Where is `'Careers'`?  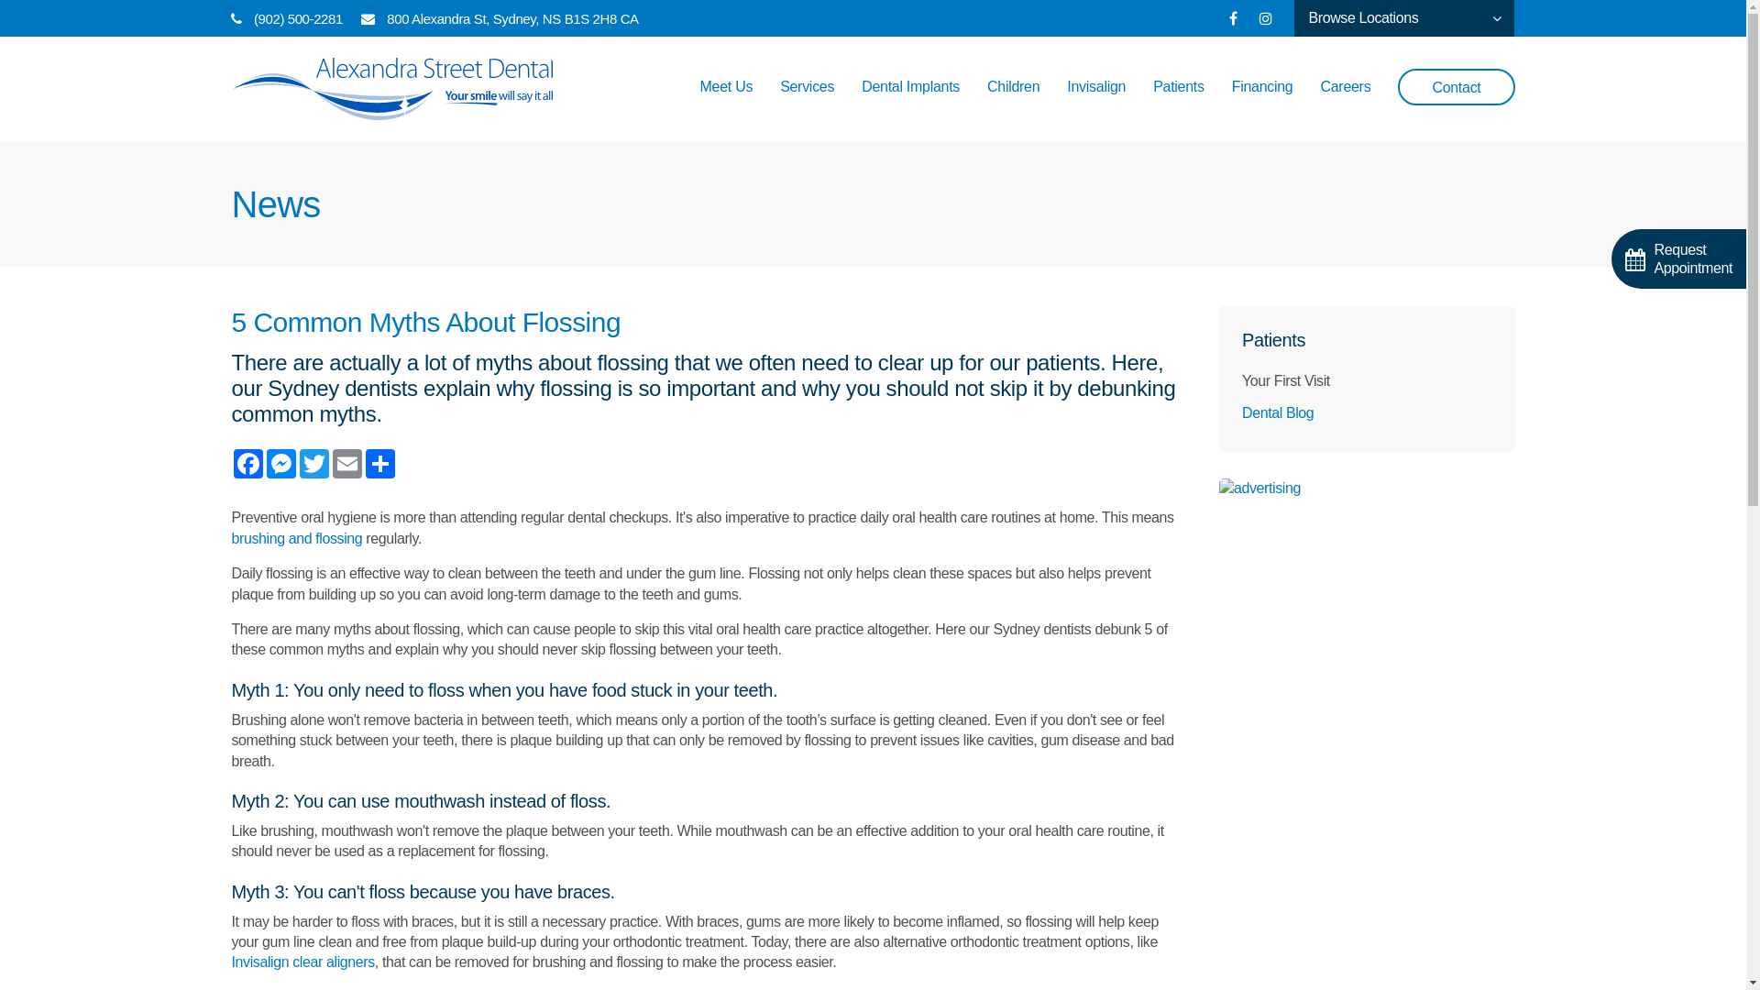
'Careers' is located at coordinates (1345, 105).